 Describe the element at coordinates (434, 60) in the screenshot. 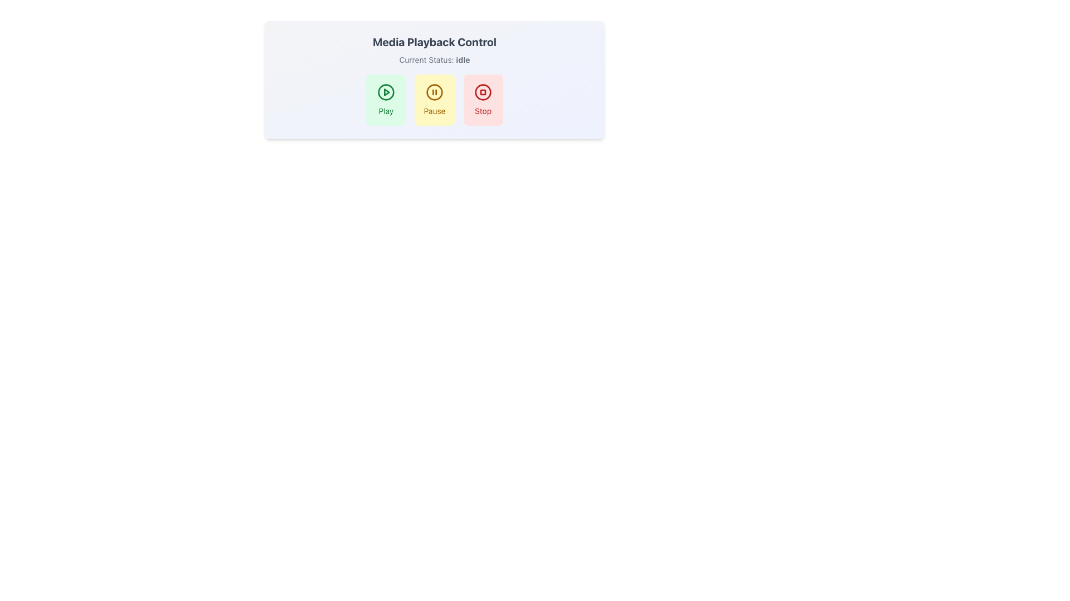

I see `the text label indicating 'Current Status: idle', which is located below the title 'Media Playback Control' and above the playback buttons` at that location.